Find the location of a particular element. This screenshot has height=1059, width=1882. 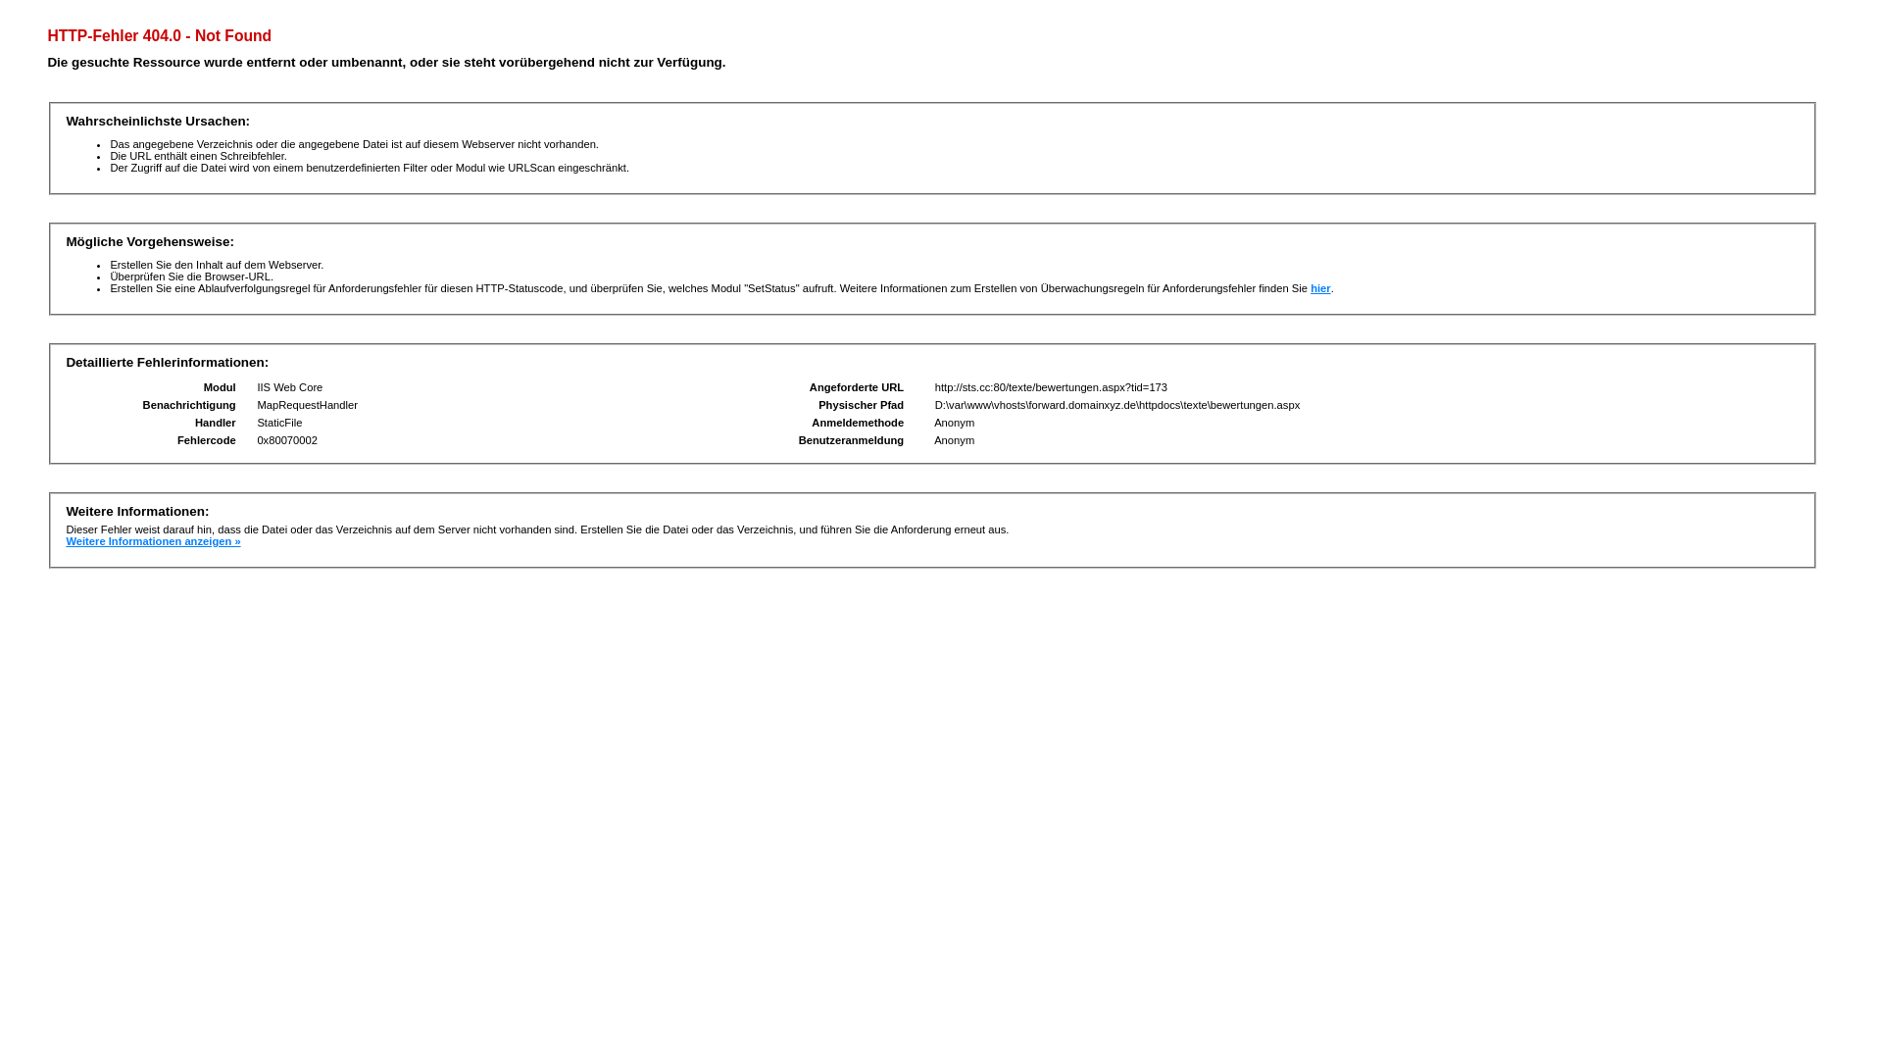

'hier' is located at coordinates (1320, 287).